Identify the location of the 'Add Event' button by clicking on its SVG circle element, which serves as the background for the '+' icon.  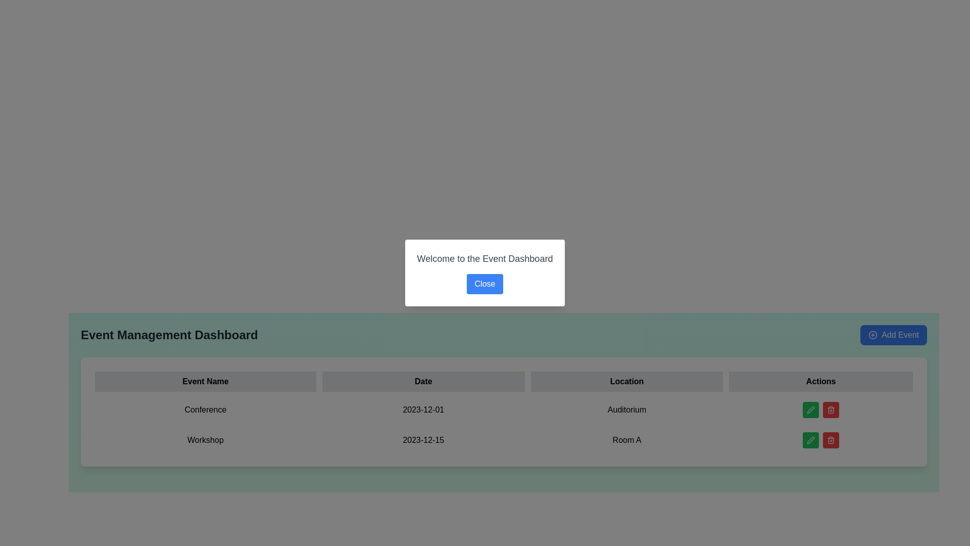
(872, 335).